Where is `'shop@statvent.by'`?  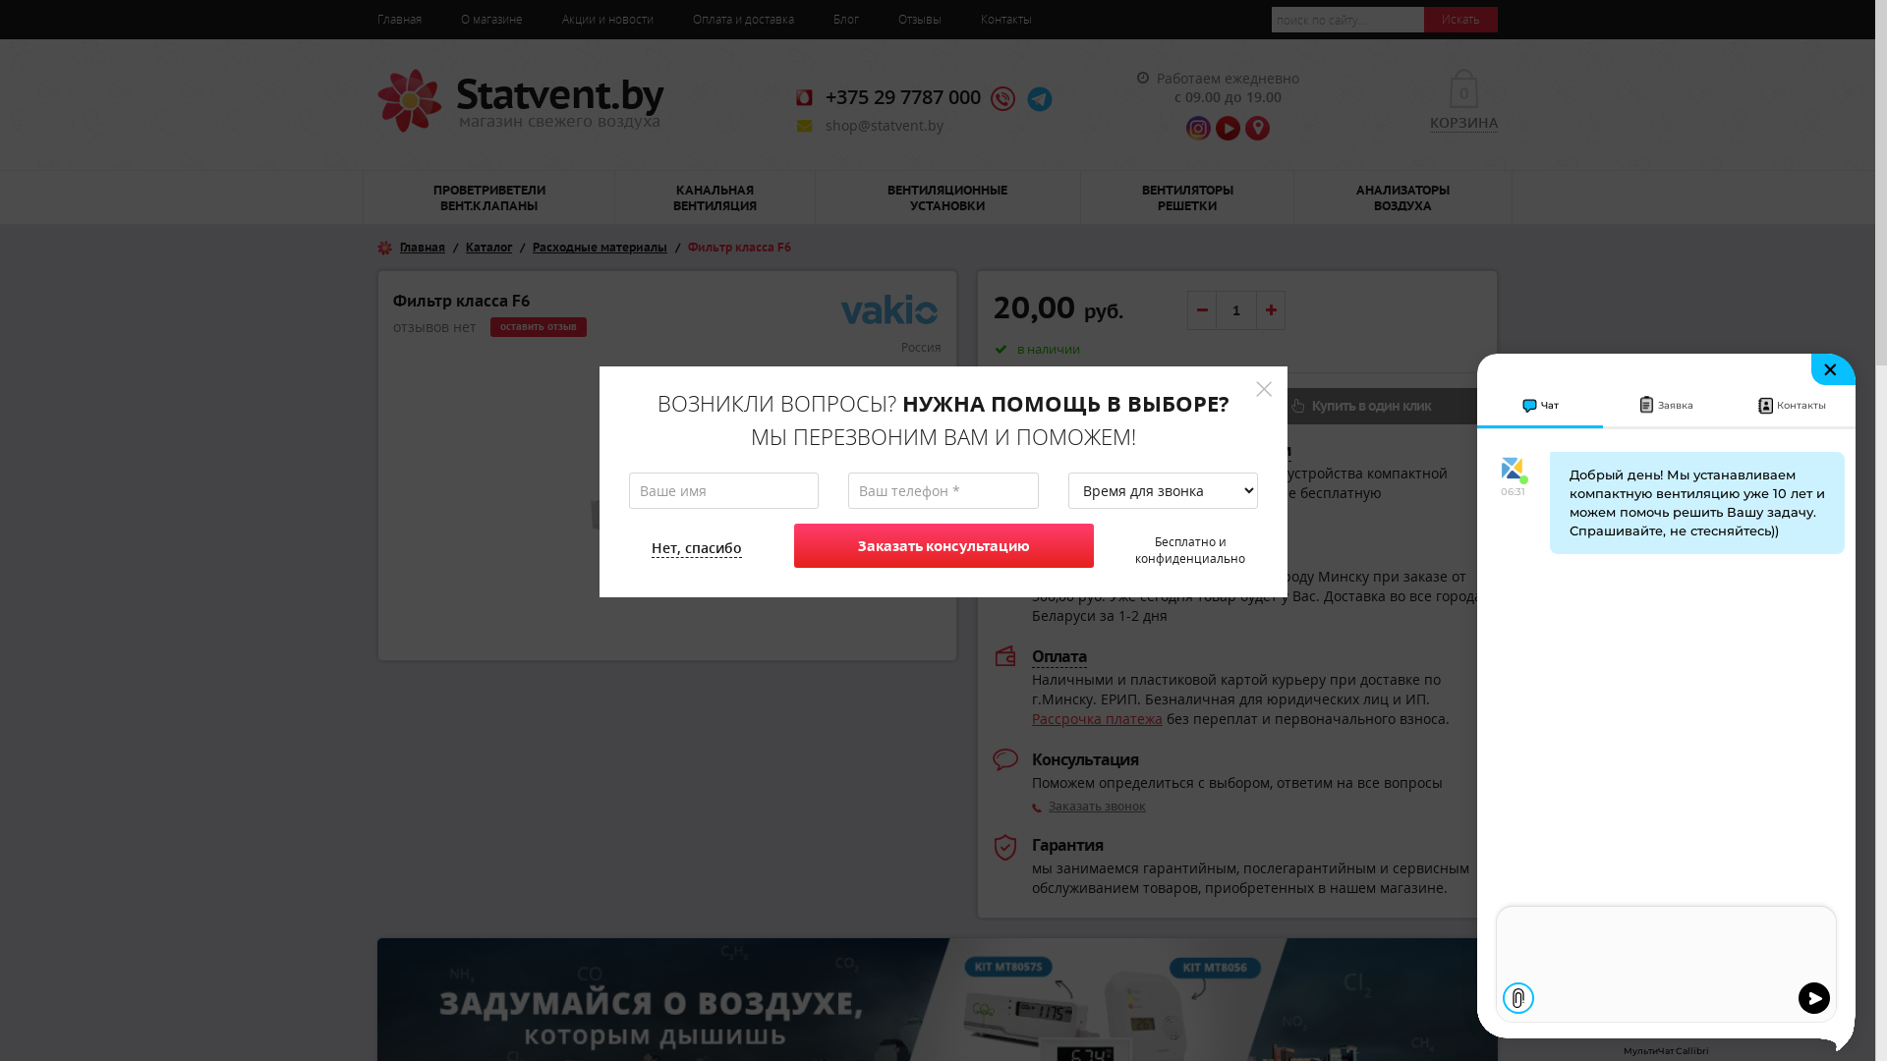 'shop@statvent.by' is located at coordinates (884, 125).